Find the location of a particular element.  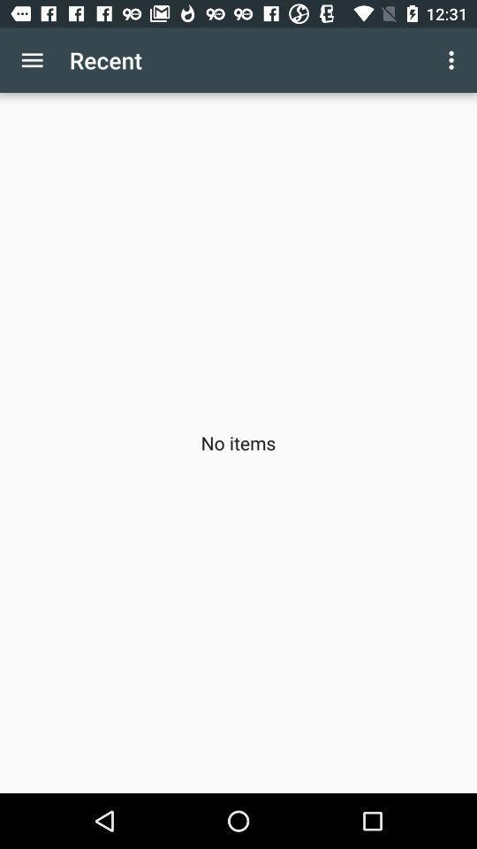

the app above no items icon is located at coordinates (453, 60).